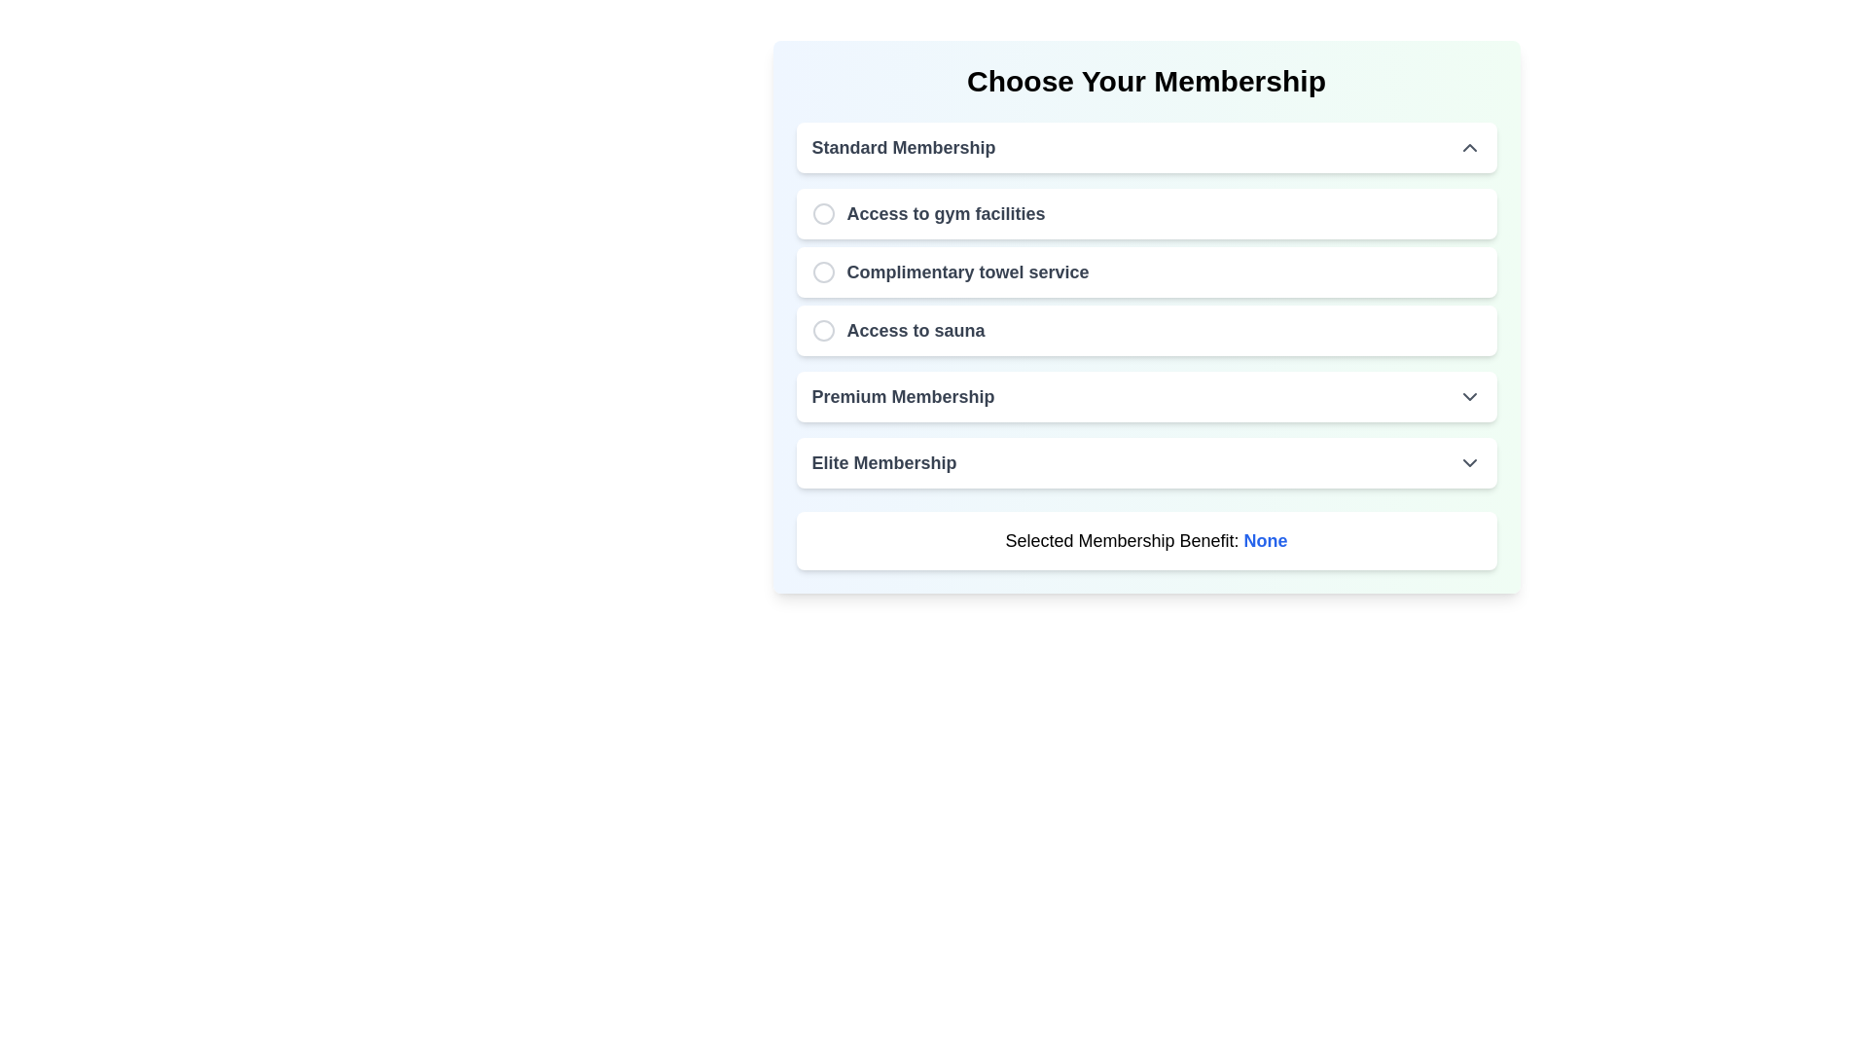 This screenshot has width=1868, height=1051. I want to click on the state of the Chevron indicator icon located at the far-right end of the 'Standard Membership' section header, so click(1469, 146).